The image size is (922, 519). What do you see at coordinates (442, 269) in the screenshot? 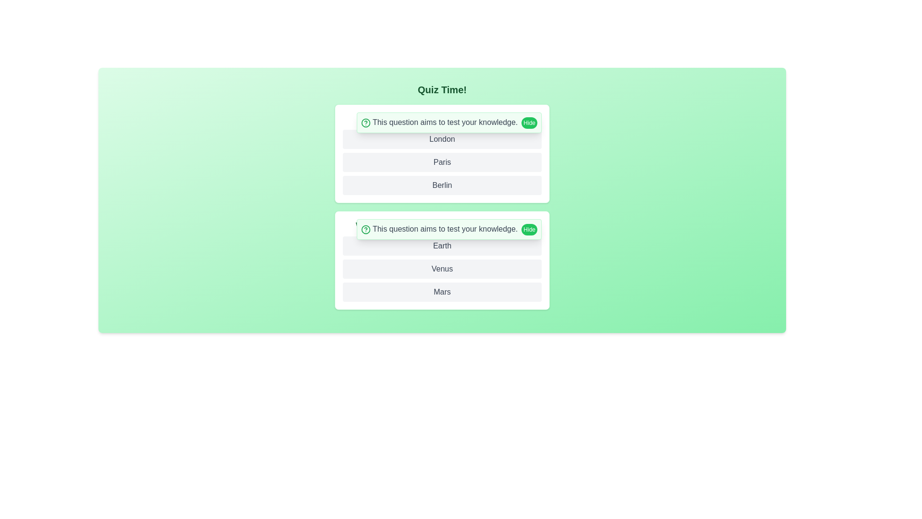
I see `the 'Venus' button, the second option in a vertically-stacked group of buttons, which is visually distinct with rounded corners and a light gray background that turns light green on hover` at bounding box center [442, 269].